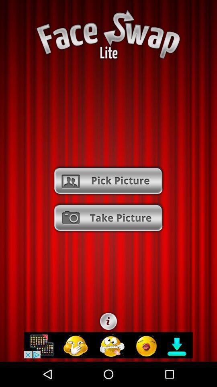 Image resolution: width=217 pixels, height=387 pixels. Describe the element at coordinates (108, 217) in the screenshot. I see `the option` at that location.